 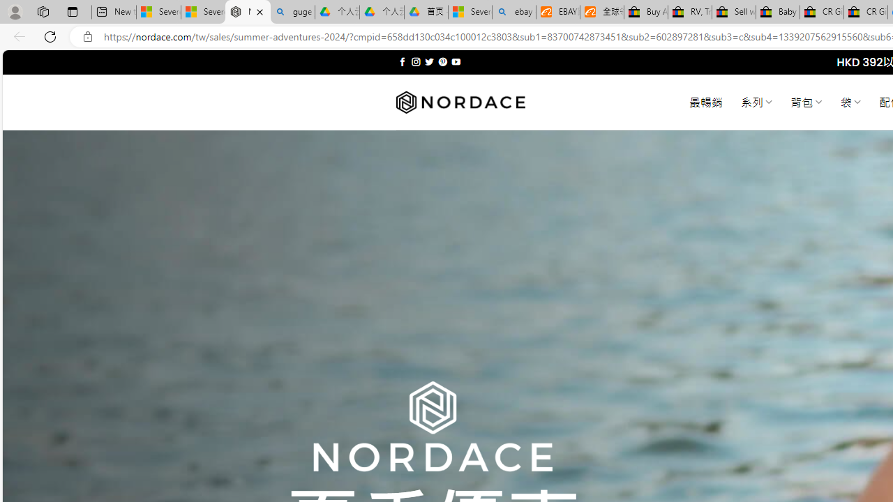 I want to click on 'Tab actions menu', so click(x=72, y=11).